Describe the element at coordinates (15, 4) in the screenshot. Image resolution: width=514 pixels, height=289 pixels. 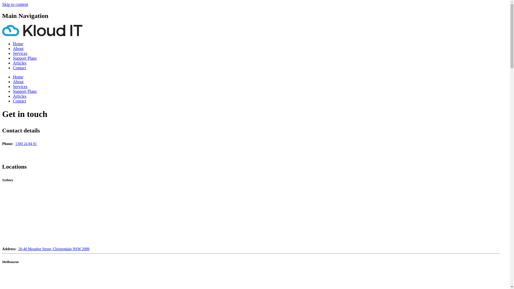
I see `'Skip to content'` at that location.